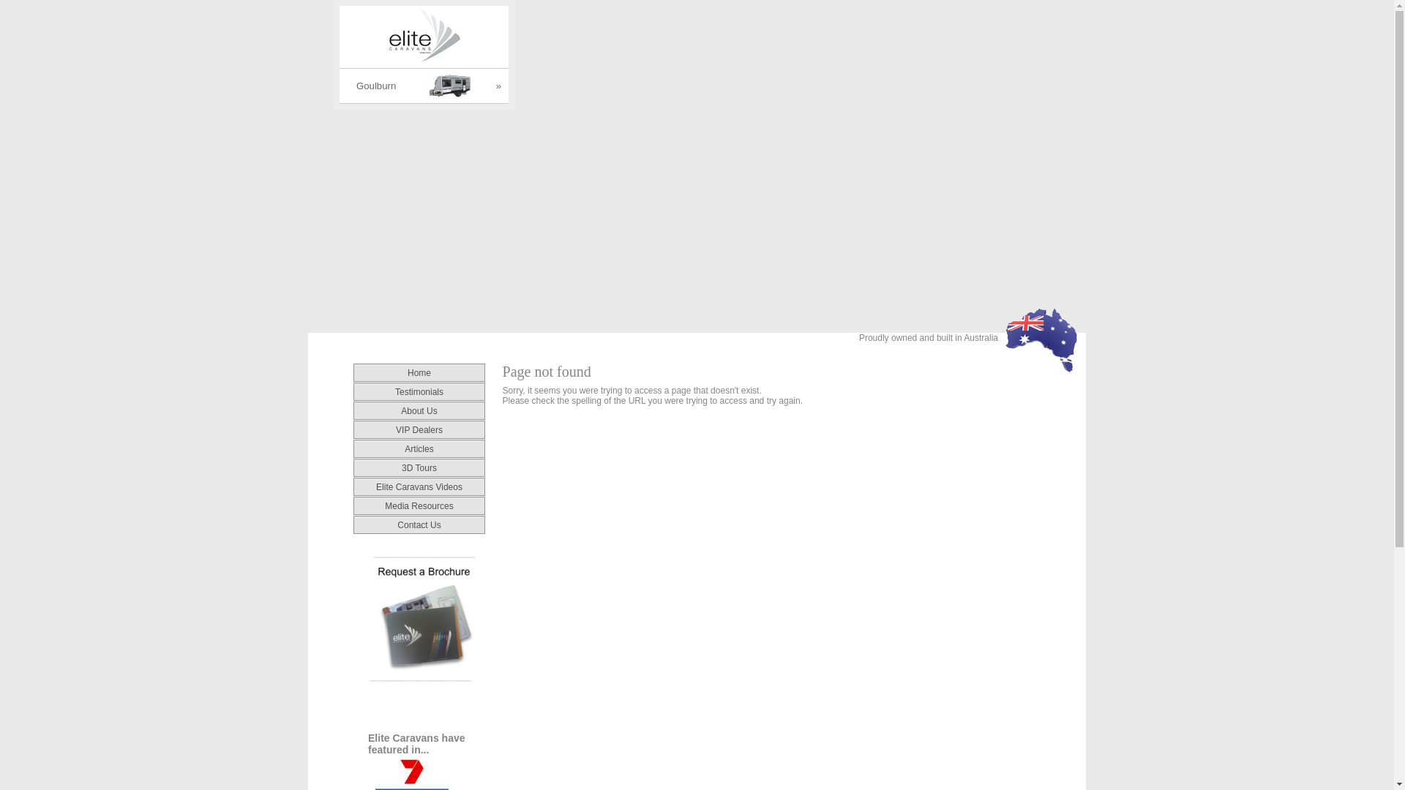 The width and height of the screenshot is (1405, 790). What do you see at coordinates (375, 486) in the screenshot?
I see `'Elite Caravans Videos'` at bounding box center [375, 486].